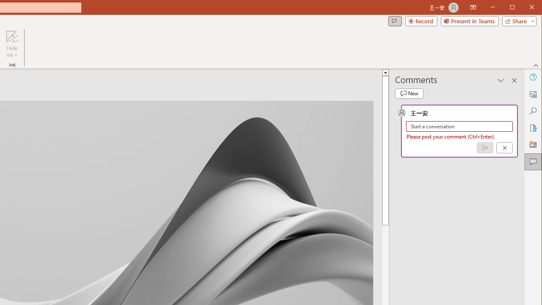 Image resolution: width=542 pixels, height=305 pixels. What do you see at coordinates (459, 126) in the screenshot?
I see `'Start a conversation'` at bounding box center [459, 126].